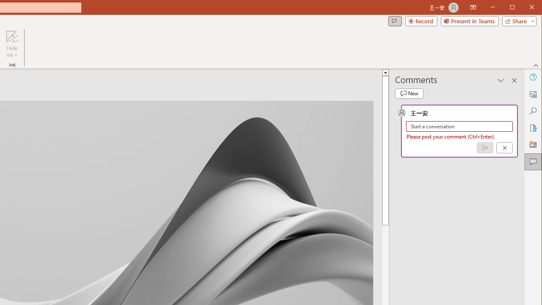 Image resolution: width=542 pixels, height=305 pixels. What do you see at coordinates (459, 126) in the screenshot?
I see `'Start a conversation'` at bounding box center [459, 126].